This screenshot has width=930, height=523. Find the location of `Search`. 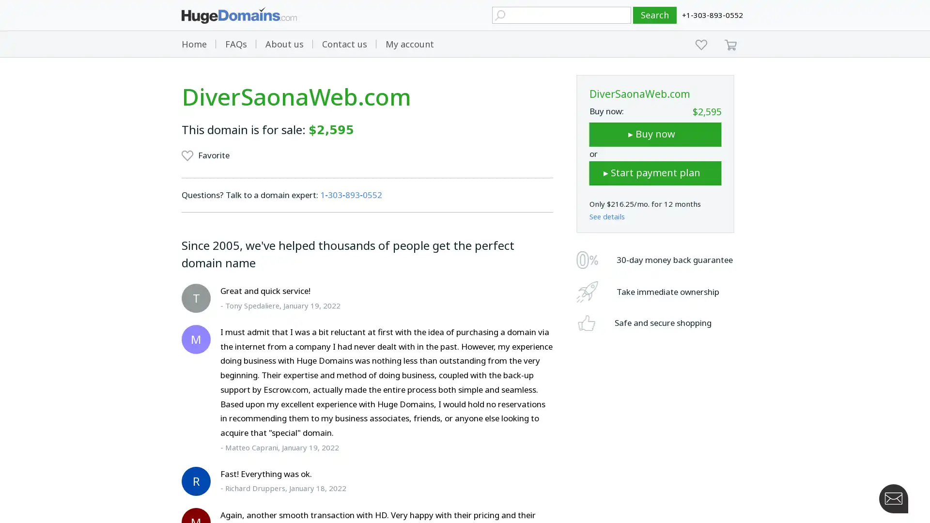

Search is located at coordinates (655, 15).